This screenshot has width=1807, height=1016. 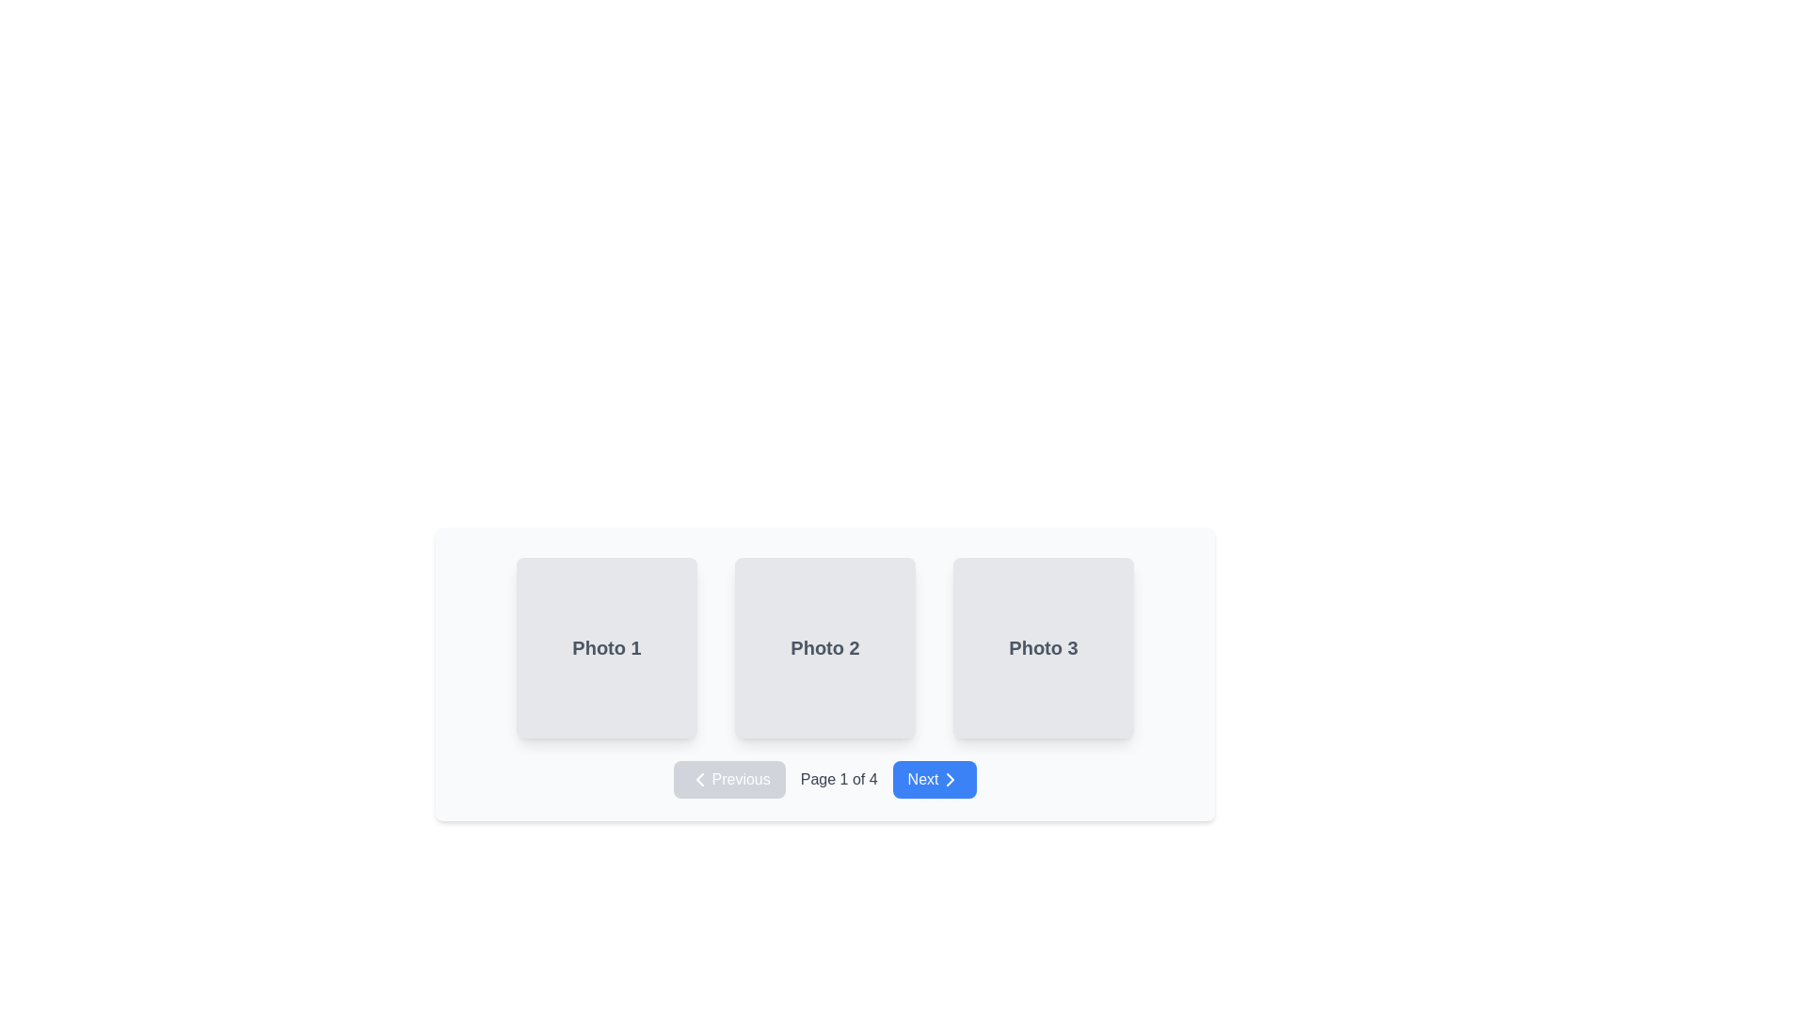 I want to click on the static text label displaying the current page number and total pages in the paginated interface, which is centrally located between the 'Previous' and 'Next' buttons, so click(x=838, y=780).